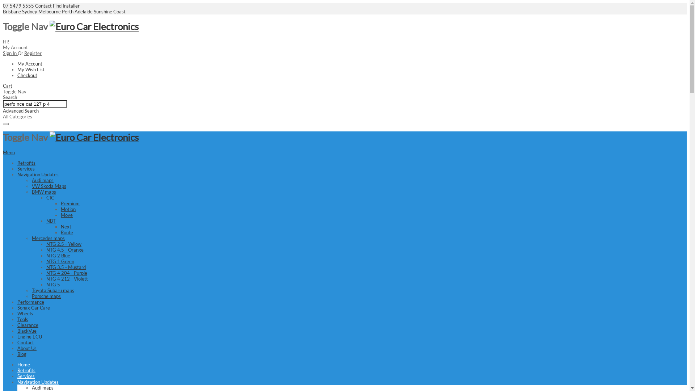 Image resolution: width=695 pixels, height=391 pixels. Describe the element at coordinates (38, 11) in the screenshot. I see `'Melbourne'` at that location.